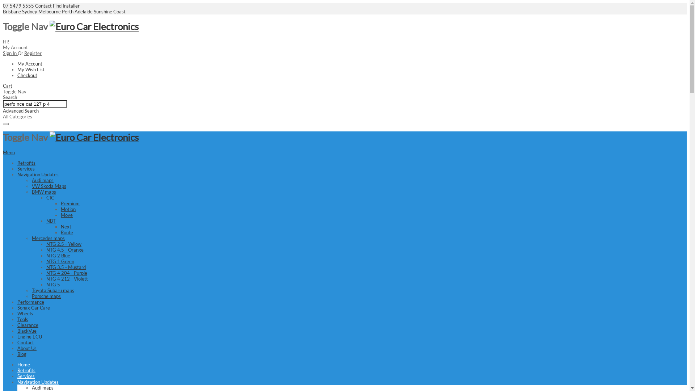 Image resolution: width=695 pixels, height=391 pixels. Describe the element at coordinates (38, 11) in the screenshot. I see `'Melbourne'` at that location.